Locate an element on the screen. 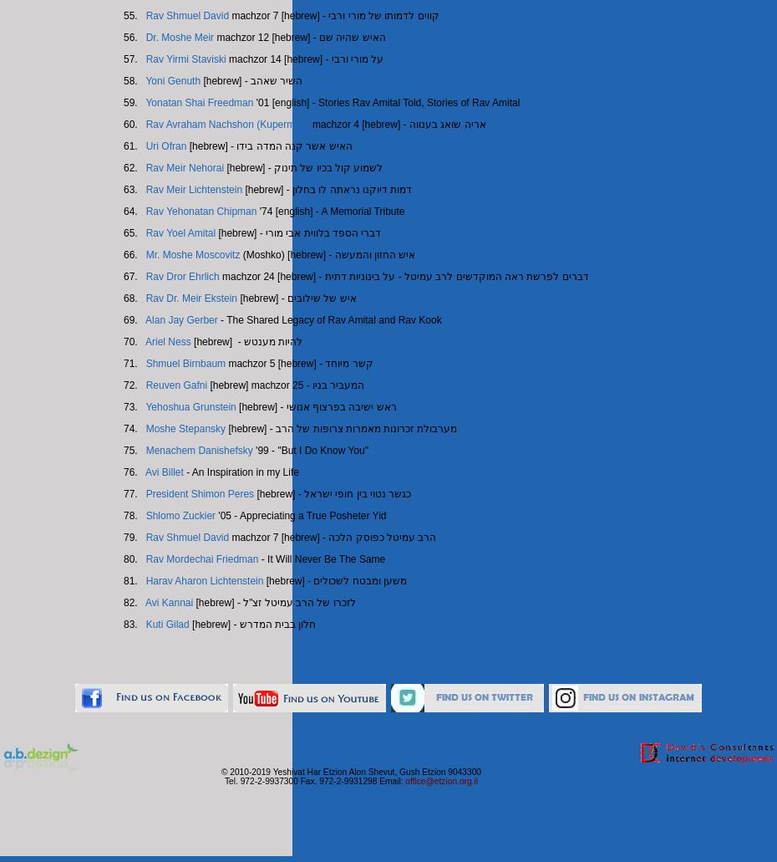 The height and width of the screenshot is (862, 777). '72.' is located at coordinates (133, 385).